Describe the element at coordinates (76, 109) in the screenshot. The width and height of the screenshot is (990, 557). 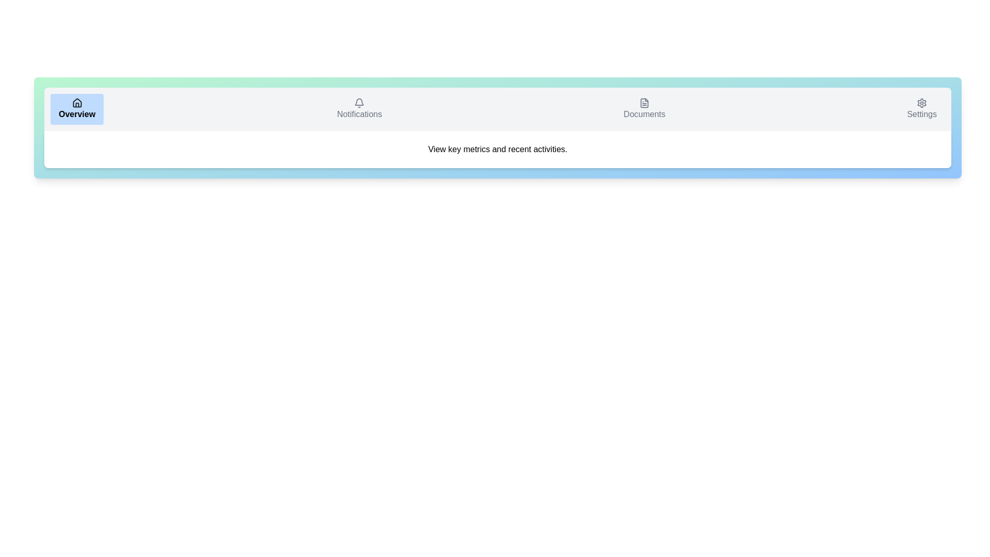
I see `the Overview tab to display its content` at that location.